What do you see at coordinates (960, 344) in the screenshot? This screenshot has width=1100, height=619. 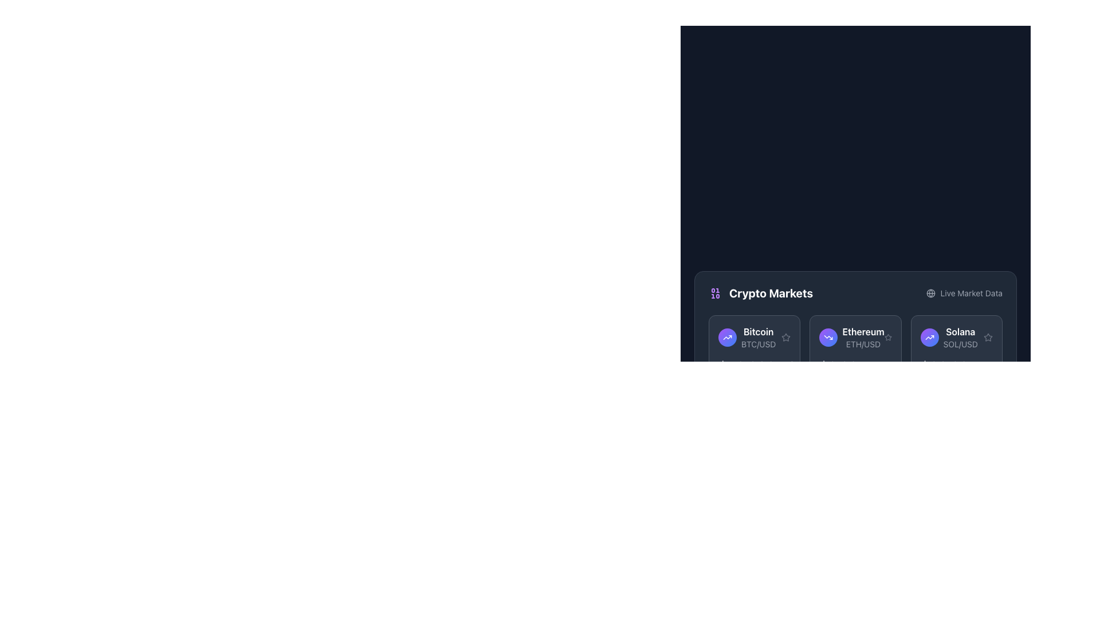 I see `the informational text displaying 'SOL/USD' located under the 'Solana' title in the cryptocurrency prices panel` at bounding box center [960, 344].